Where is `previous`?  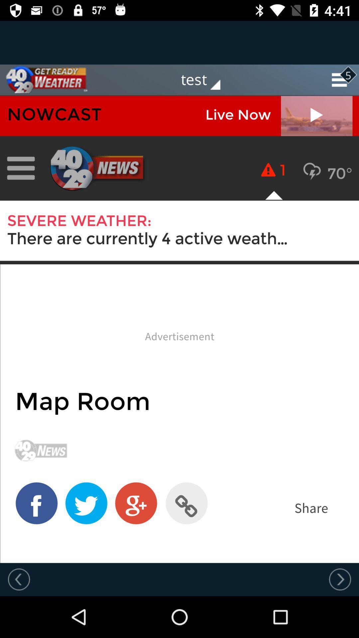
previous is located at coordinates (340, 579).